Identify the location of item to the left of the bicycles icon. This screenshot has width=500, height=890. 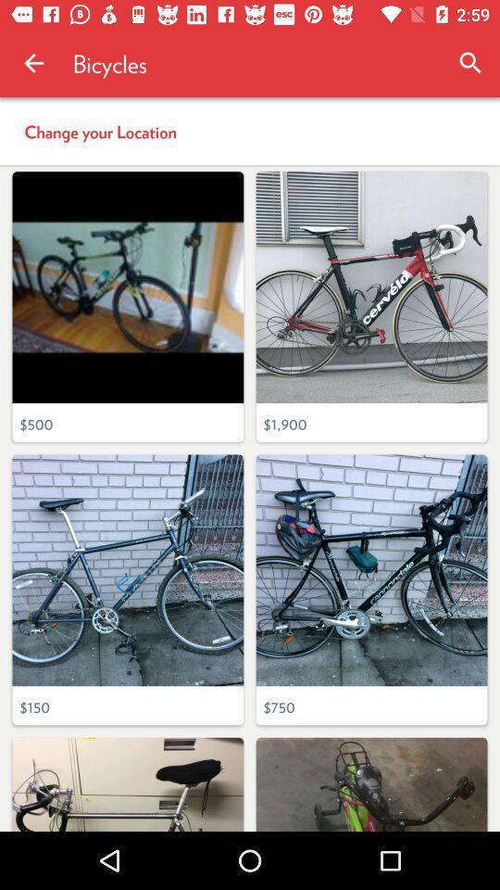
(33, 63).